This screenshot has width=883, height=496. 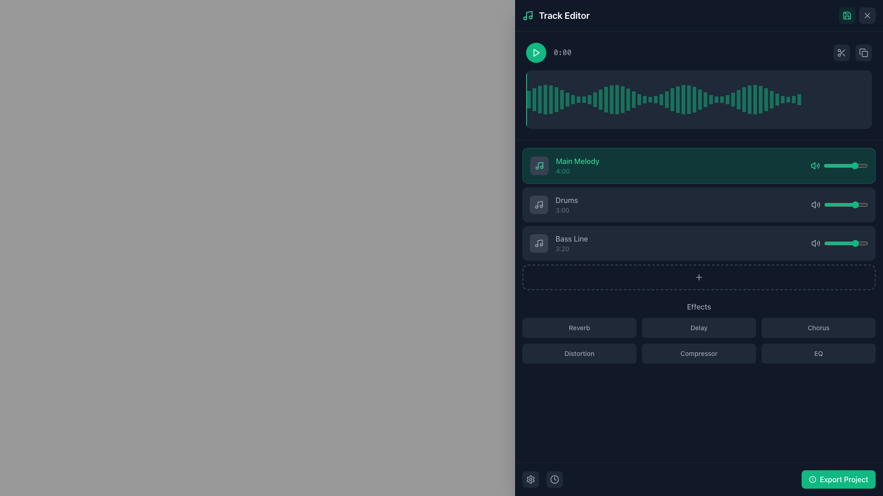 What do you see at coordinates (536, 53) in the screenshot?
I see `the green triangular play icon button, which is located near the top-left area of the interface` at bounding box center [536, 53].